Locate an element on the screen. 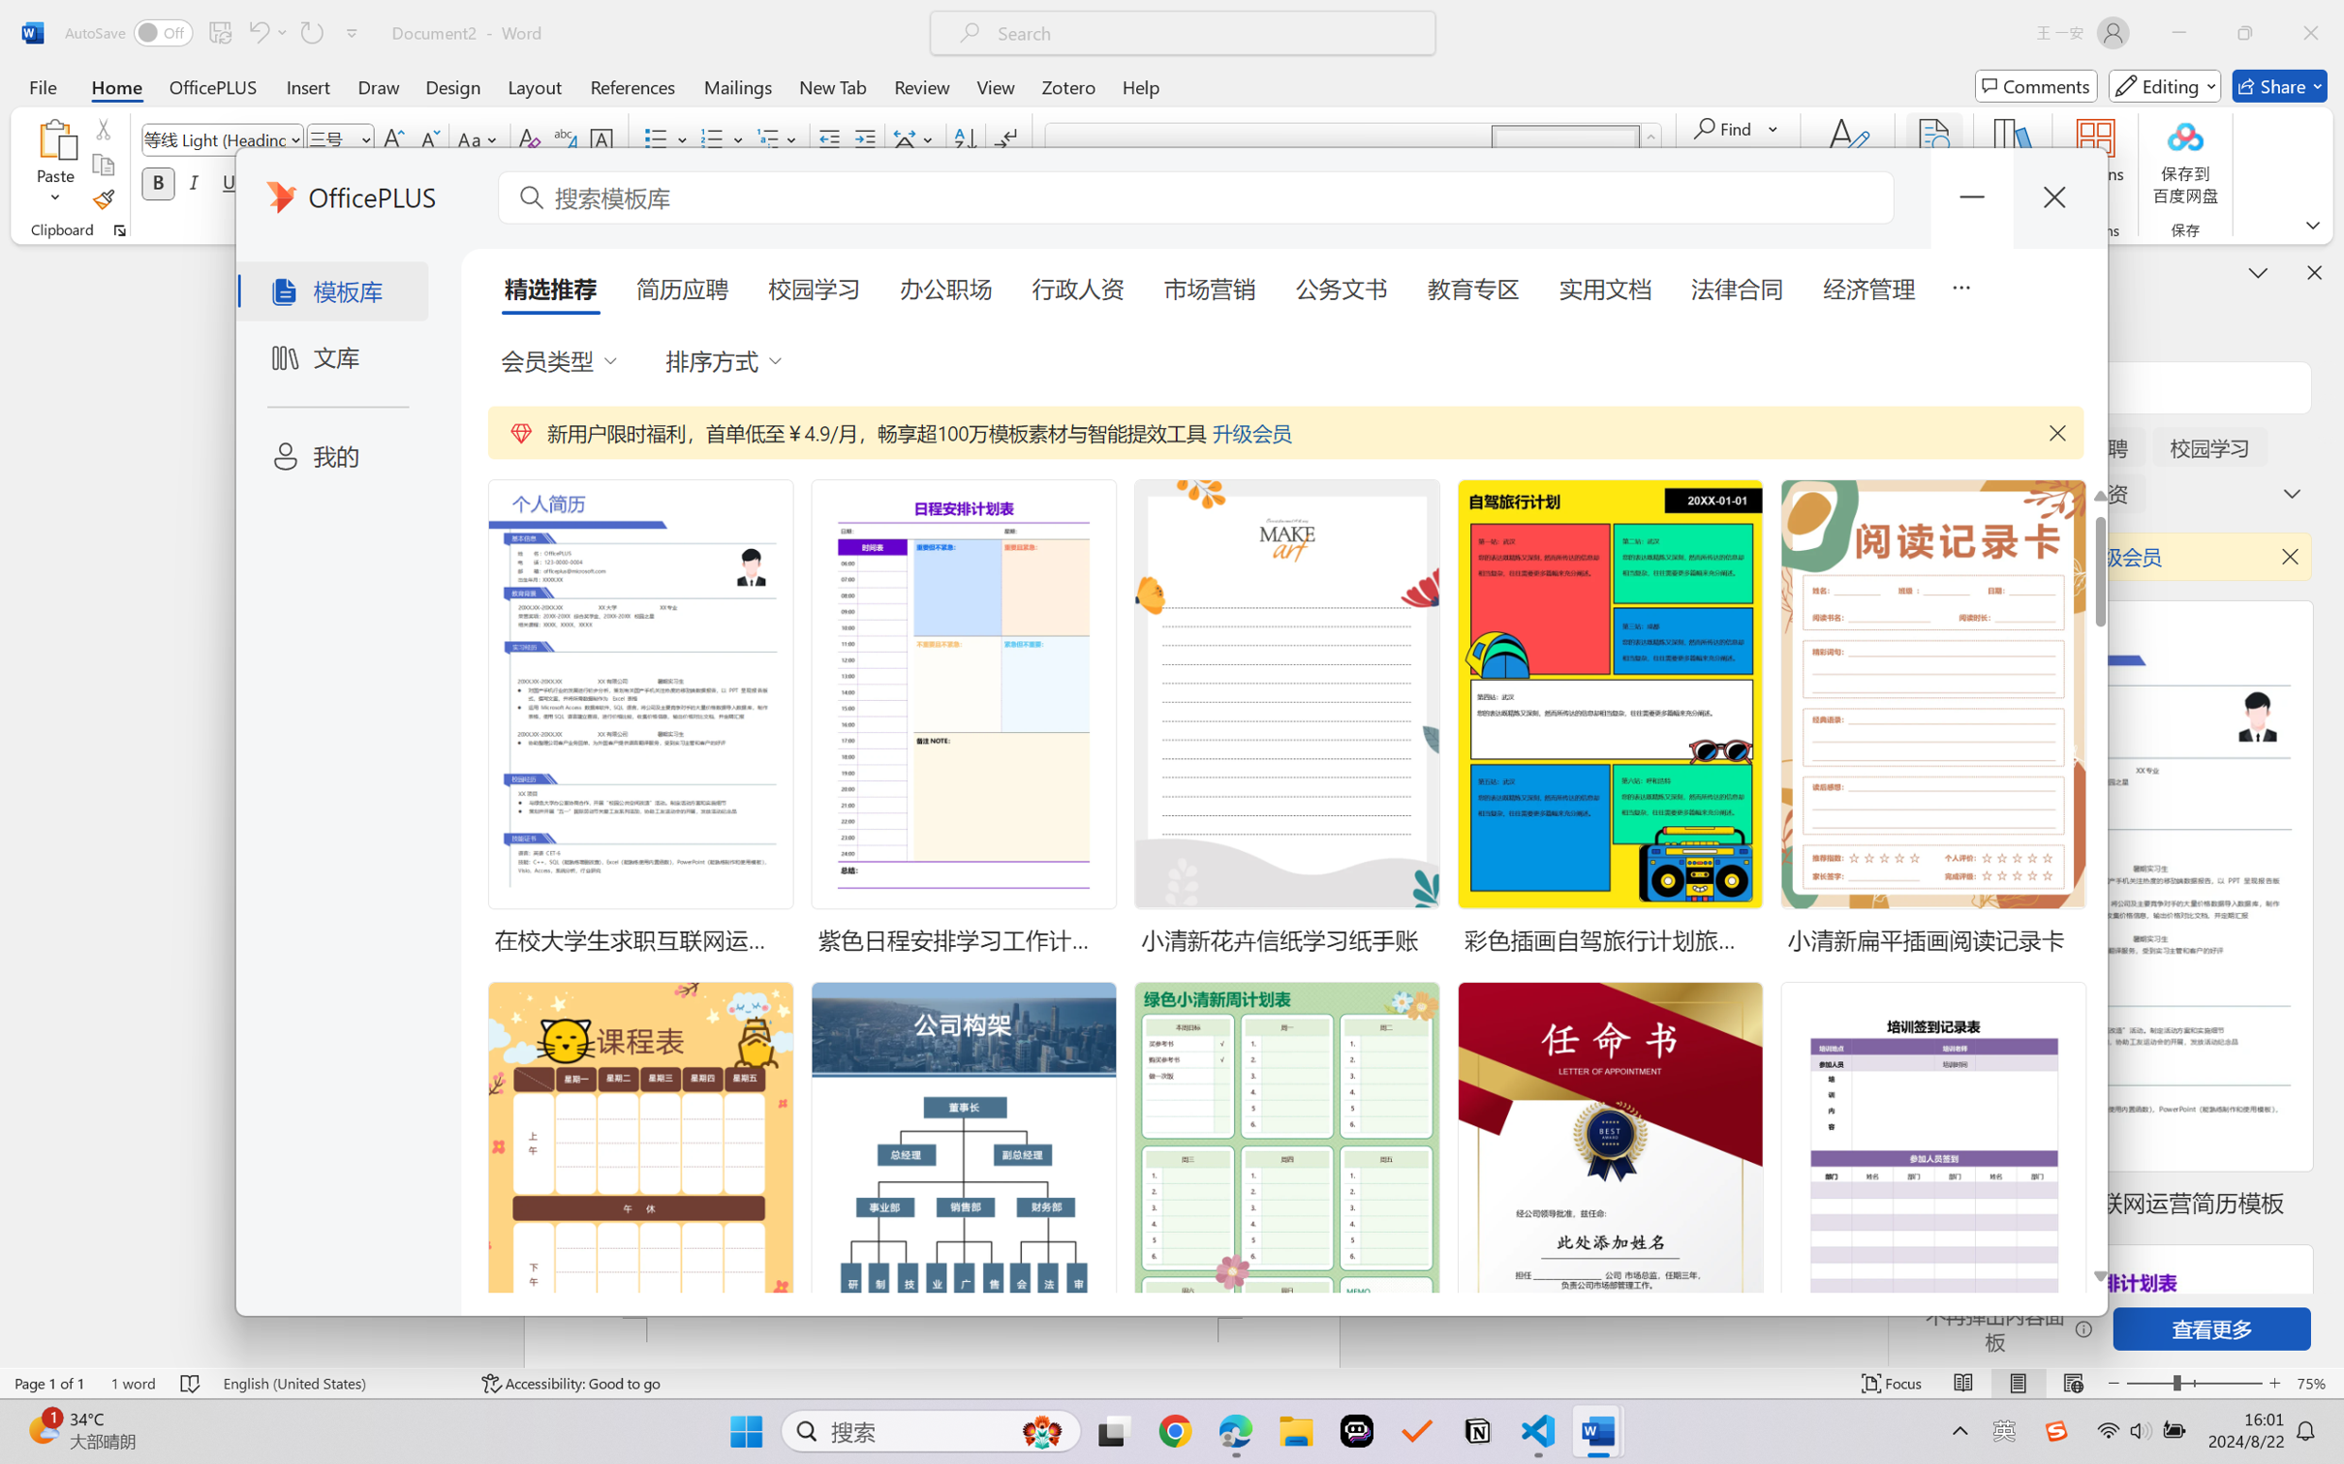  'Zoom In' is located at coordinates (2274, 1383).